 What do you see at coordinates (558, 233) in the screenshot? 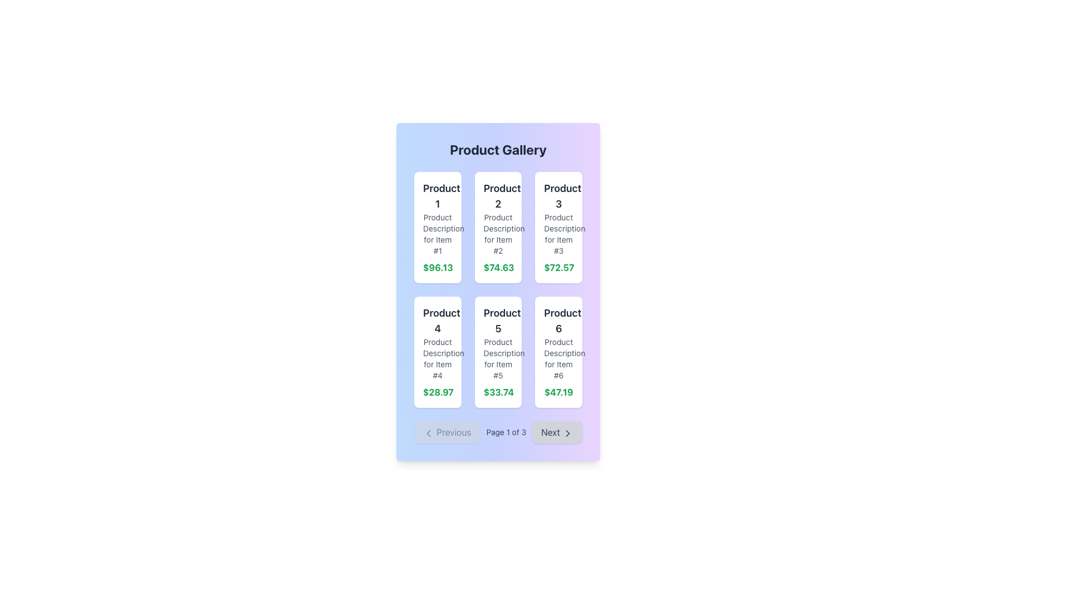
I see `the text label that provides additional information about 'Product 3', which is located between the title 'Product 3' and the price '$72.57'` at bounding box center [558, 233].